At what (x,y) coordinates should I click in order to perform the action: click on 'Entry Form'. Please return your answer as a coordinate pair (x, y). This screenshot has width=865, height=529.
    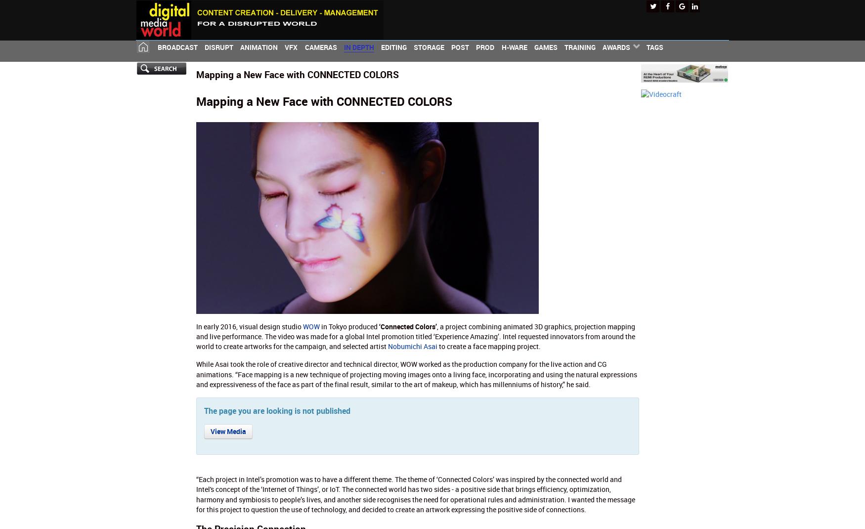
    Looking at the image, I should click on (602, 78).